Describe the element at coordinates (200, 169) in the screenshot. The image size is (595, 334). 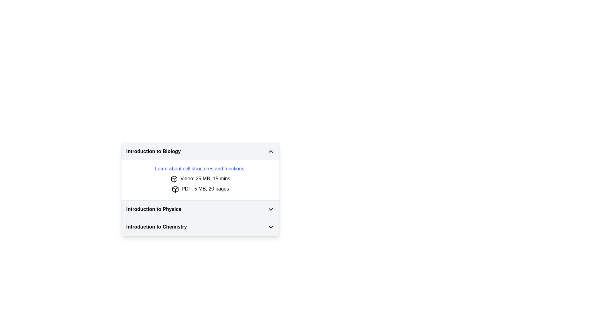
I see `the text label reading 'Learn about cell structures and functions.' which is styled in blue and serves as a clickable or emphasized label in the educational section` at that location.